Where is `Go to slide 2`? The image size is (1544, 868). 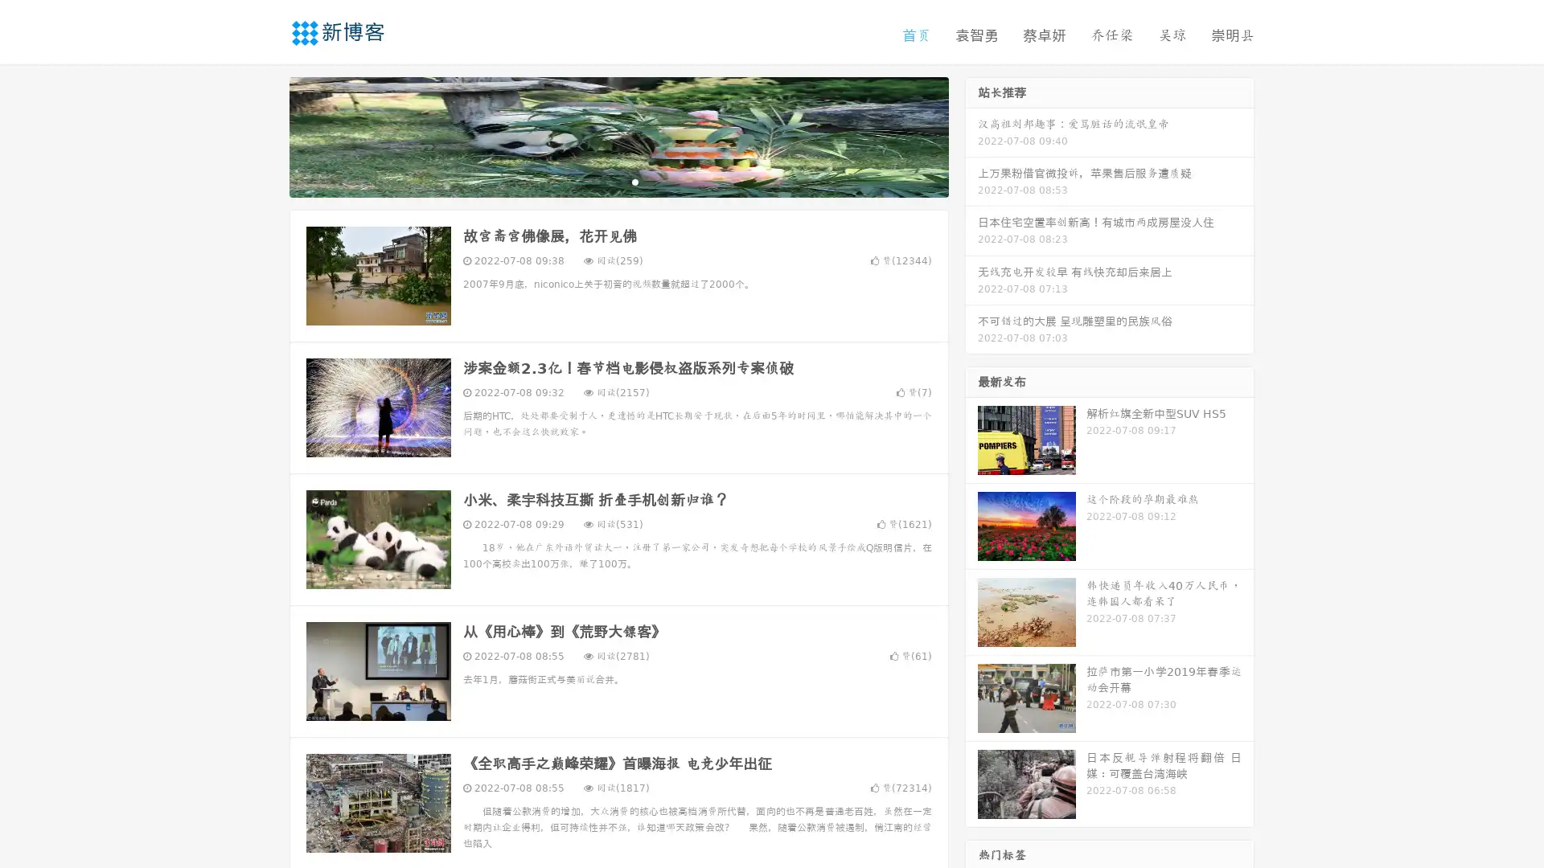
Go to slide 2 is located at coordinates (618, 181).